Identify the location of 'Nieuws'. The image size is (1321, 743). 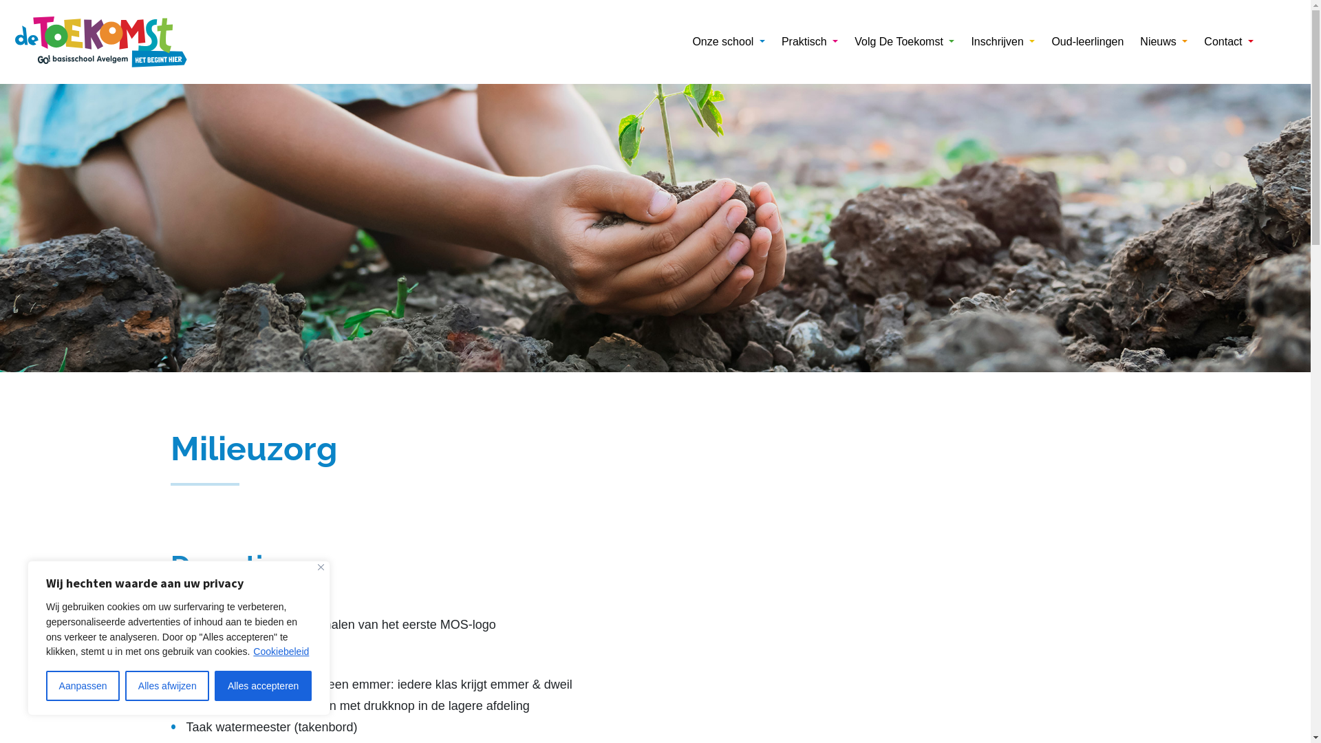
(1163, 41).